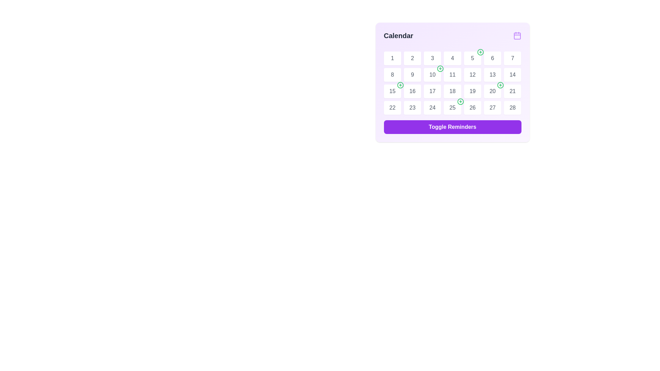 Image resolution: width=660 pixels, height=371 pixels. Describe the element at coordinates (392, 58) in the screenshot. I see `the top-left calendar day cell with a white background and black text '1'` at that location.